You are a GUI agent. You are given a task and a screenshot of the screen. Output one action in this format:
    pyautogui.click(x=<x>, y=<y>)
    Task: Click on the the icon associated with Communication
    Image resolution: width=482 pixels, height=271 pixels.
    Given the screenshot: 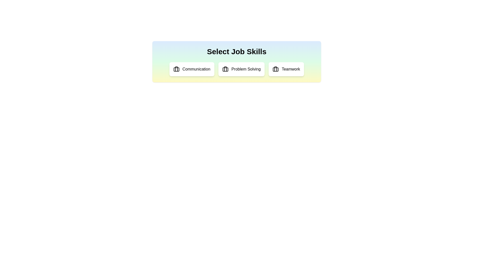 What is the action you would take?
    pyautogui.click(x=176, y=69)
    